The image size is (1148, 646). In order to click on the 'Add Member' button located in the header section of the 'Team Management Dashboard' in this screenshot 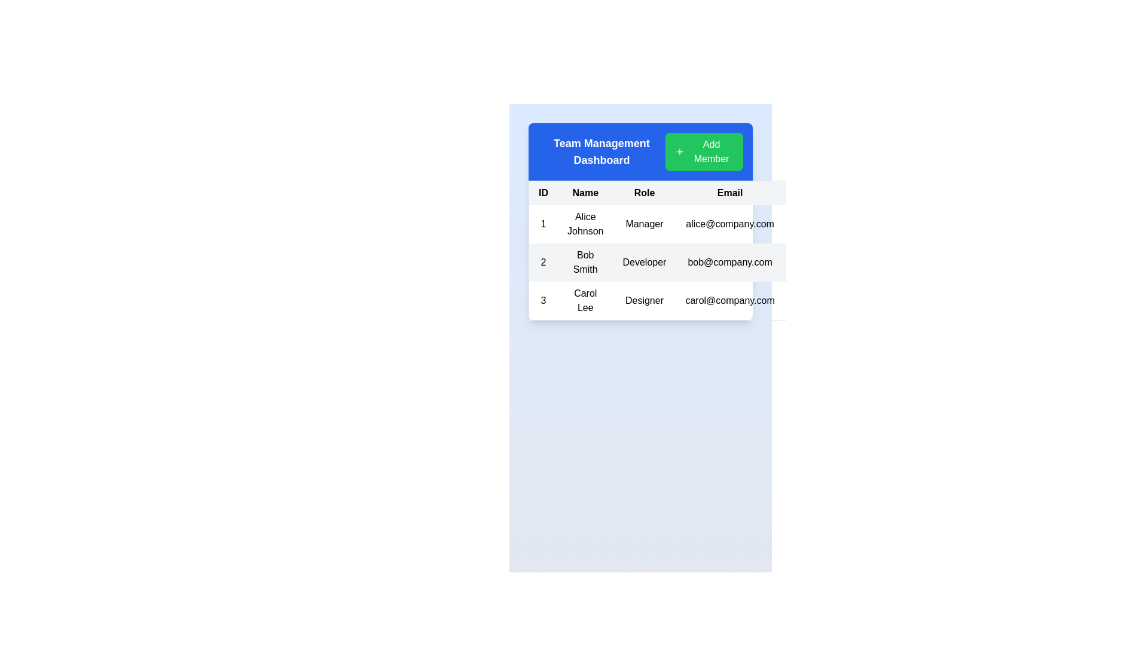, I will do `click(704, 151)`.